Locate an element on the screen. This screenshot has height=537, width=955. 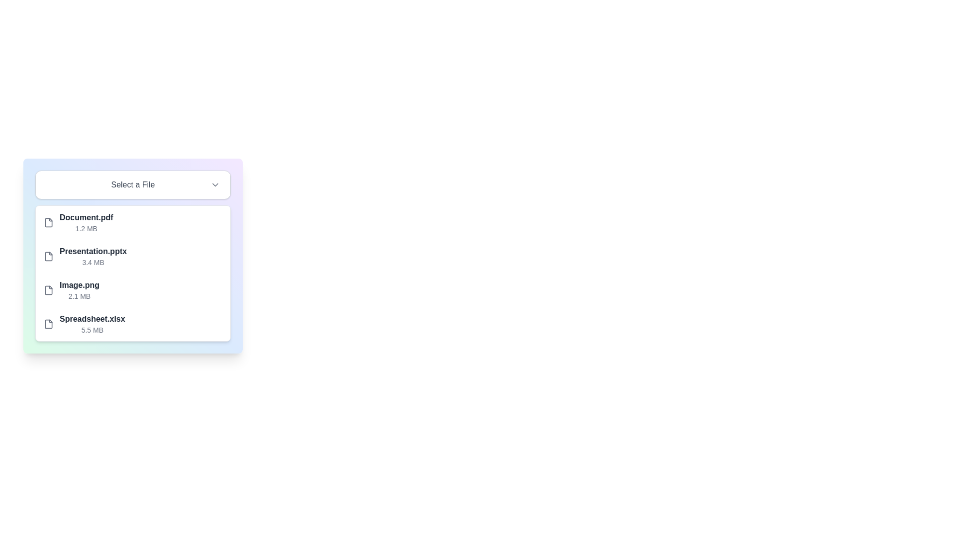
the file type icon located to the left of the text 'Document.pdf' is located at coordinates (48, 222).